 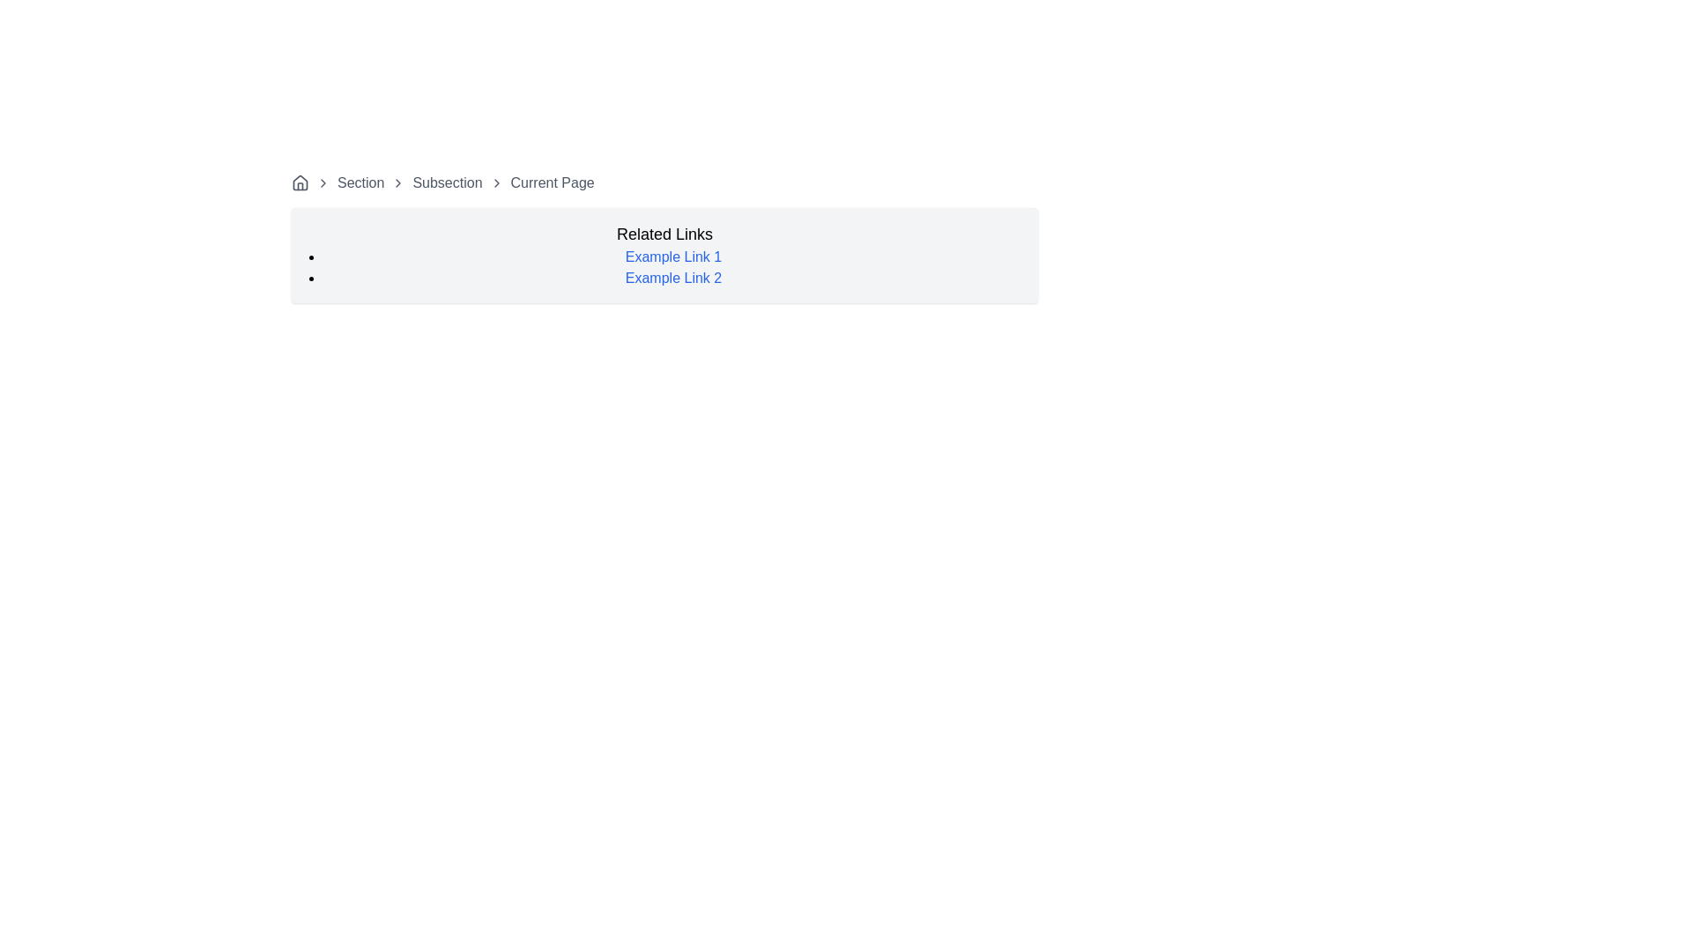 I want to click on the hyperlink labeled 'Example Link 2' in the 'Related Links' section, so click(x=672, y=278).